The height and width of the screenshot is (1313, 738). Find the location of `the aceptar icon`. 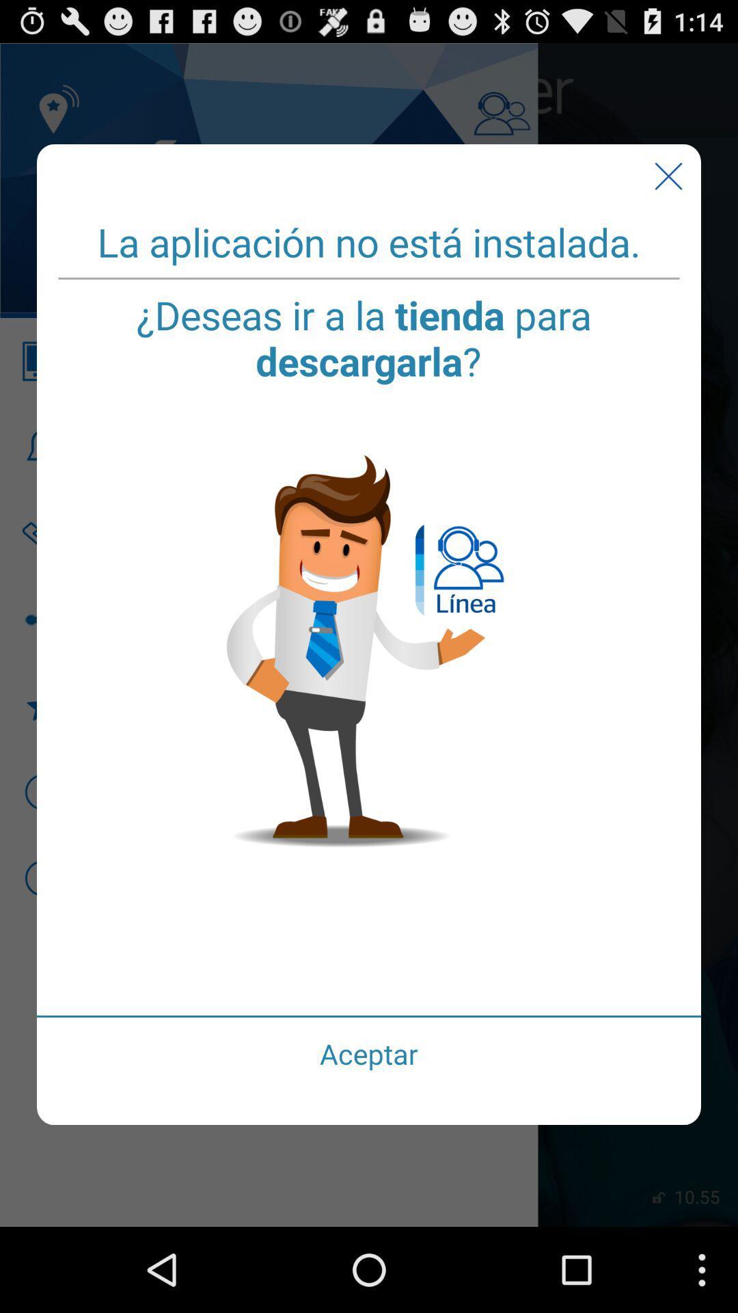

the aceptar icon is located at coordinates (369, 1052).